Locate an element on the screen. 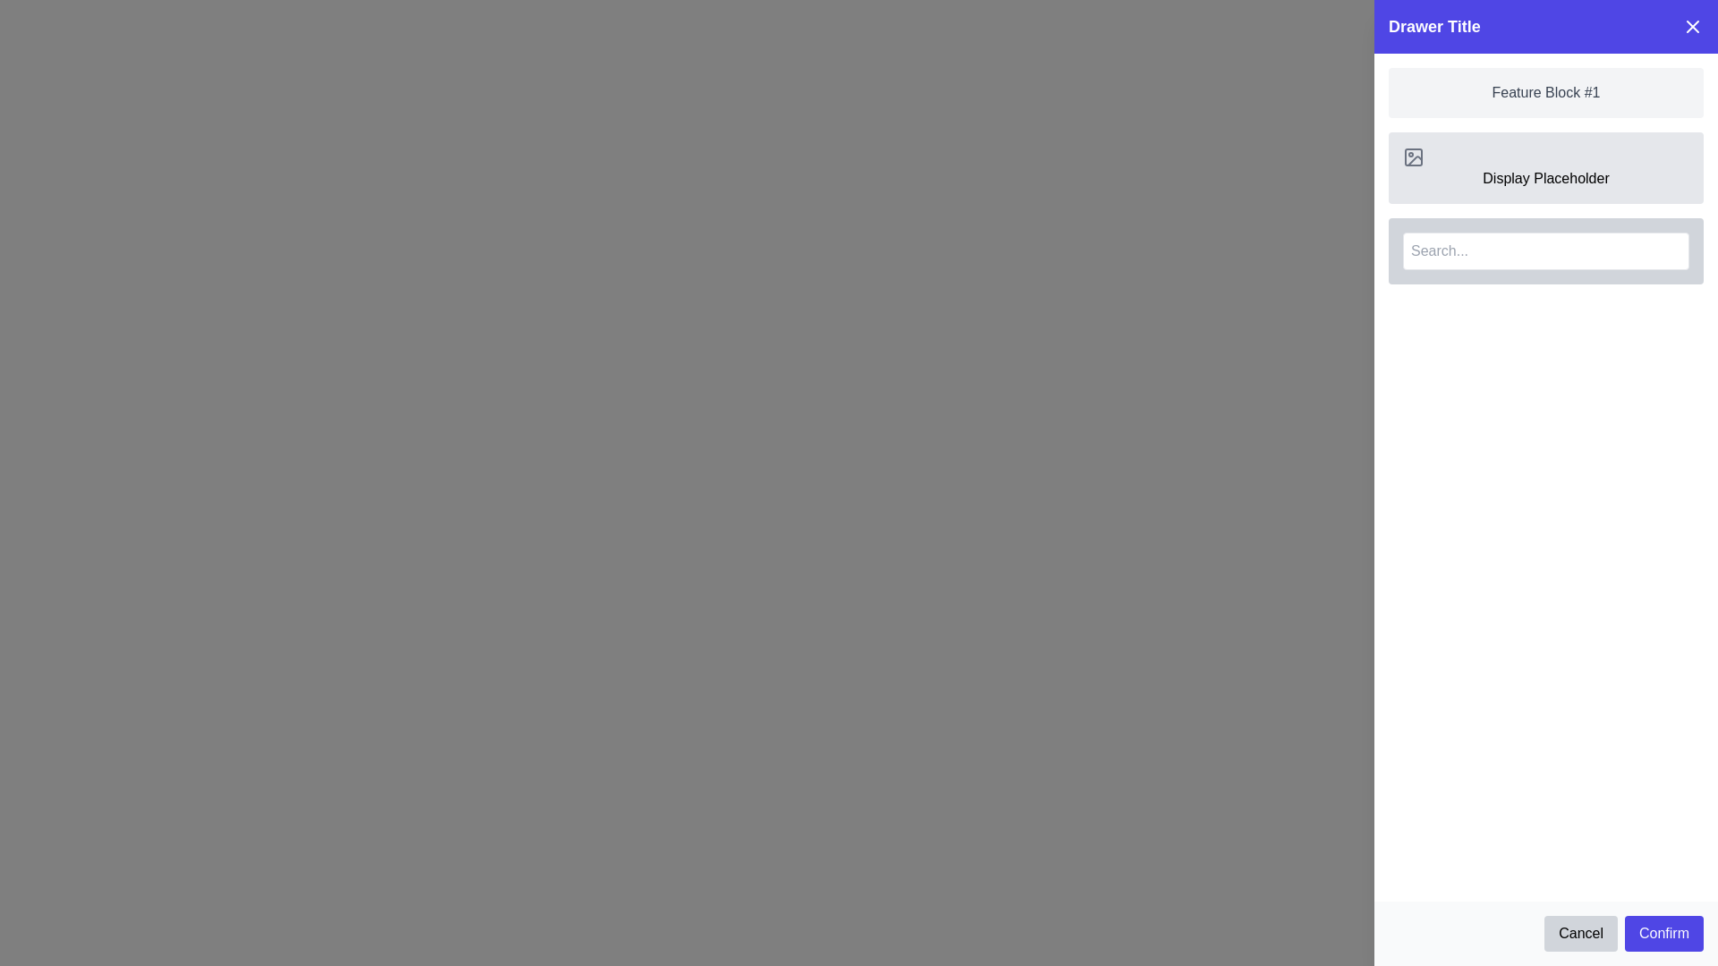  the Text block with the label 'Feature Block #1', which is a rectangular block with rounded corners and a gray background, located in the right panel underneath the header title 'Drawer Title' is located at coordinates (1545, 93).